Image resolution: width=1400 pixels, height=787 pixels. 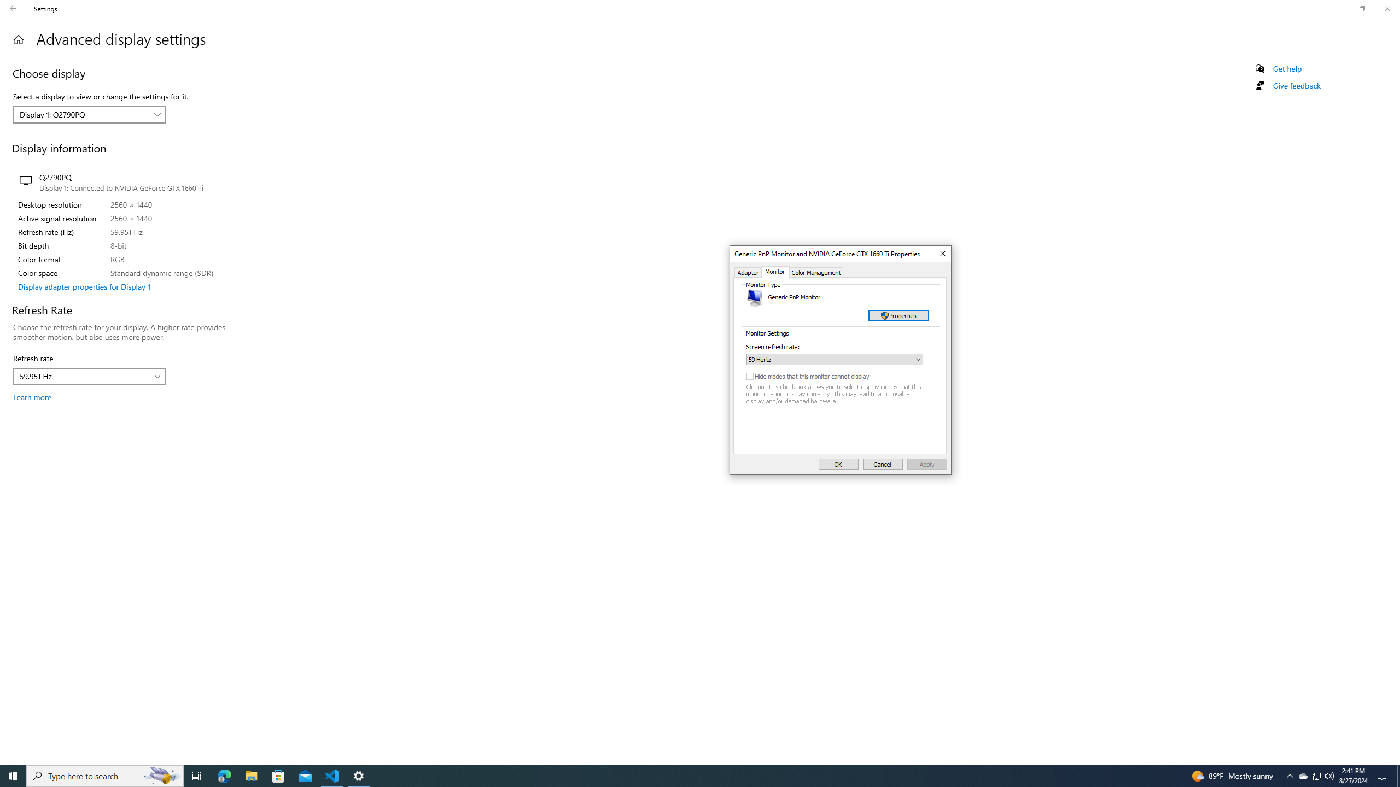 I want to click on 'Type here to search', so click(x=104, y=775).